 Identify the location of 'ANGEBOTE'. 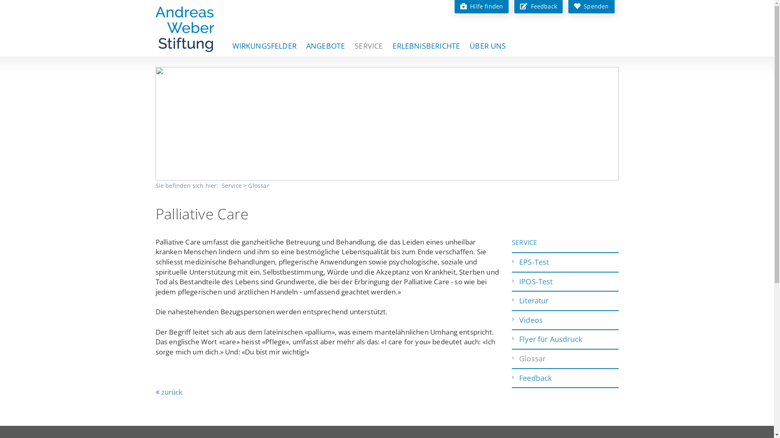
(302, 45).